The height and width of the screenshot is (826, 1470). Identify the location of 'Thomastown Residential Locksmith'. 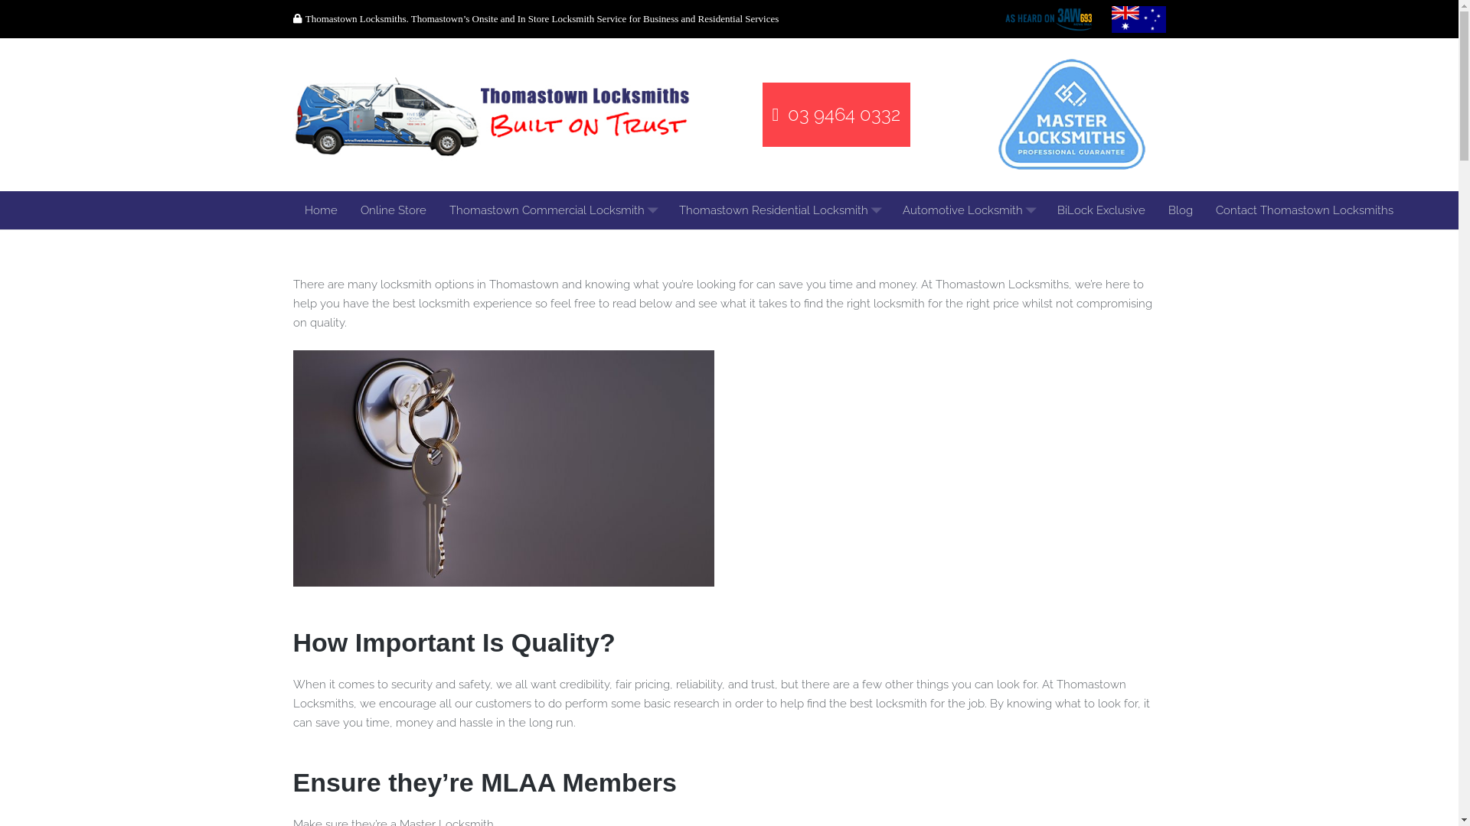
(779, 210).